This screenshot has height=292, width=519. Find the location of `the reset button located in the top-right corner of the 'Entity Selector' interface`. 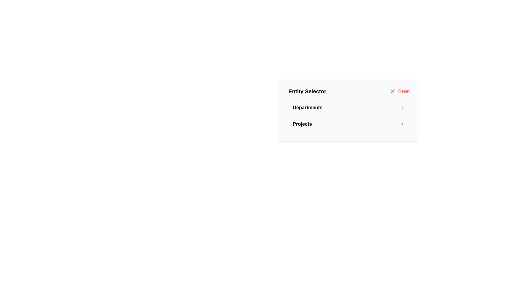

the reset button located in the top-right corner of the 'Entity Selector' interface is located at coordinates (400, 91).